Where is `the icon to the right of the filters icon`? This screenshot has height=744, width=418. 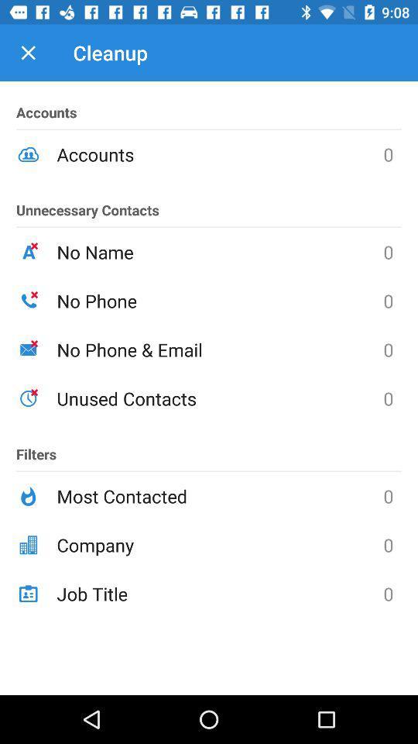
the icon to the right of the filters icon is located at coordinates (219, 495).